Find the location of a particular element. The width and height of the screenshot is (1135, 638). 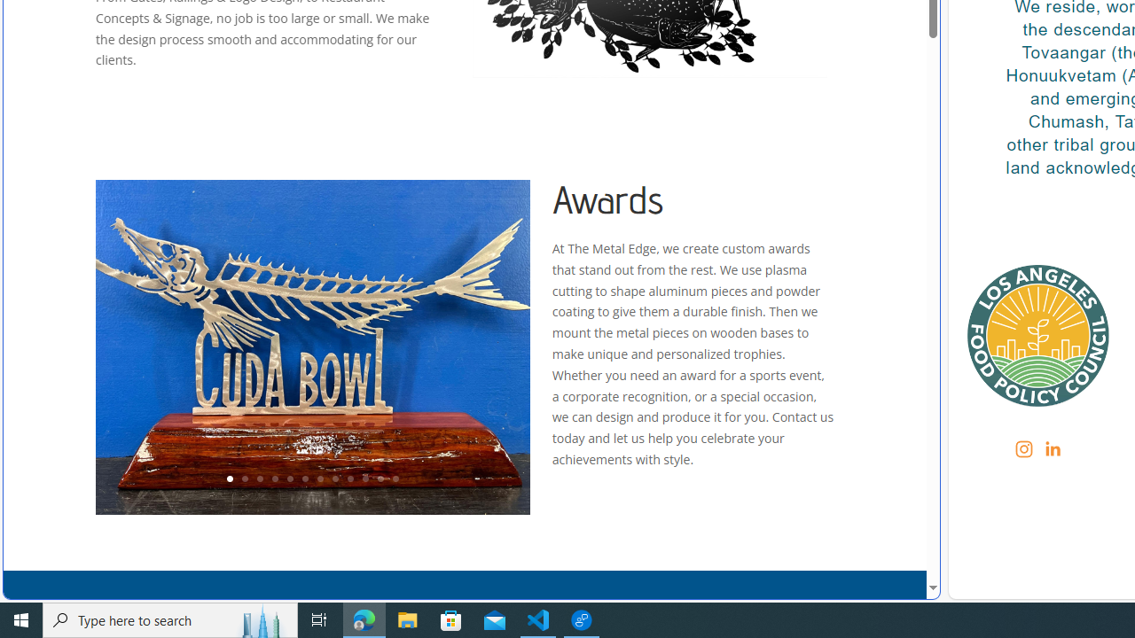

'Instagram' is located at coordinates (1024, 447).